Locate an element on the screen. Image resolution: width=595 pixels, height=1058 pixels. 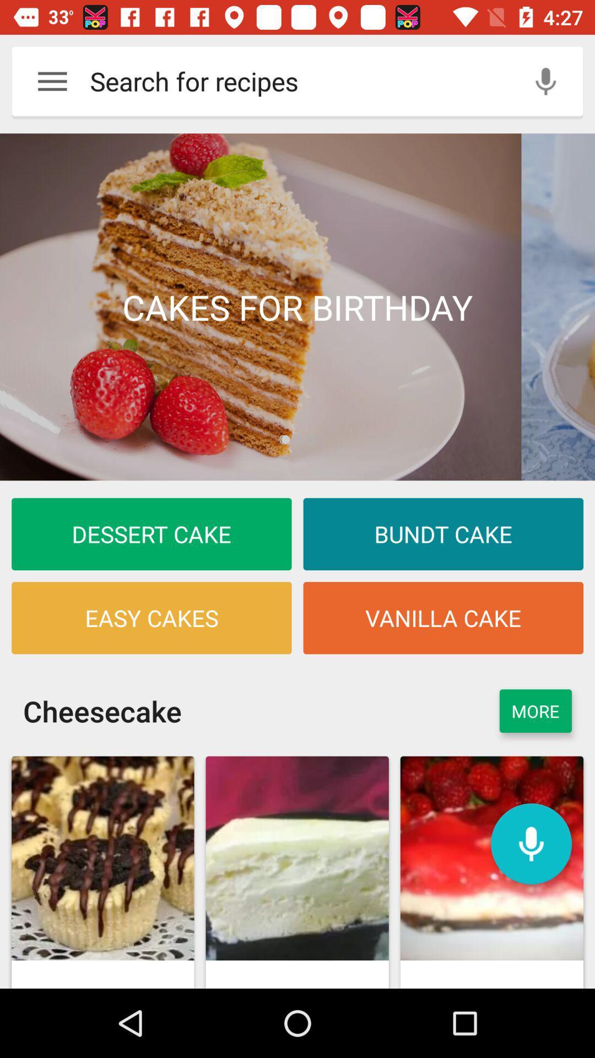
the microphone icon is located at coordinates (545, 80).